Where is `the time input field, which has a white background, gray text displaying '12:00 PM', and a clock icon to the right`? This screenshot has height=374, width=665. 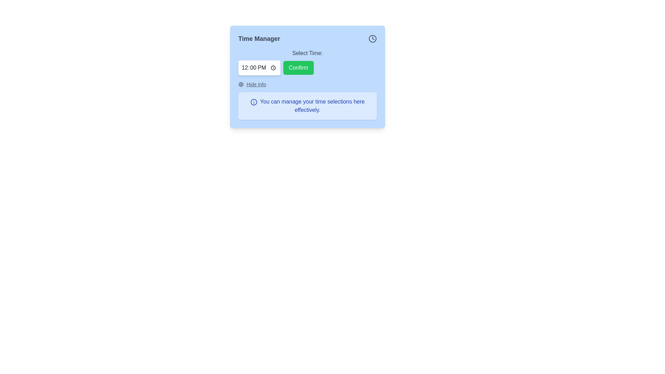 the time input field, which has a white background, gray text displaying '12:00 PM', and a clock icon to the right is located at coordinates (259, 68).